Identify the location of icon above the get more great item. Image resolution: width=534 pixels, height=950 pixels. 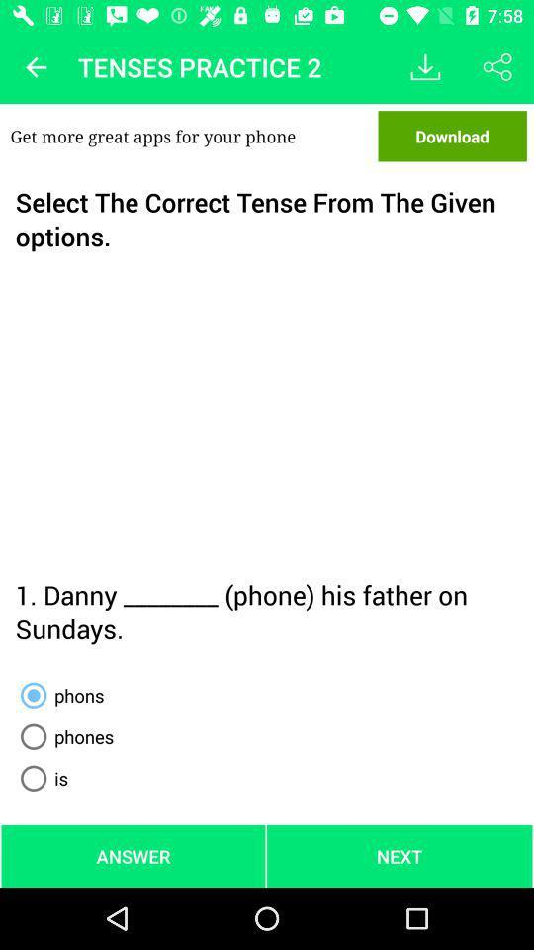
(36, 67).